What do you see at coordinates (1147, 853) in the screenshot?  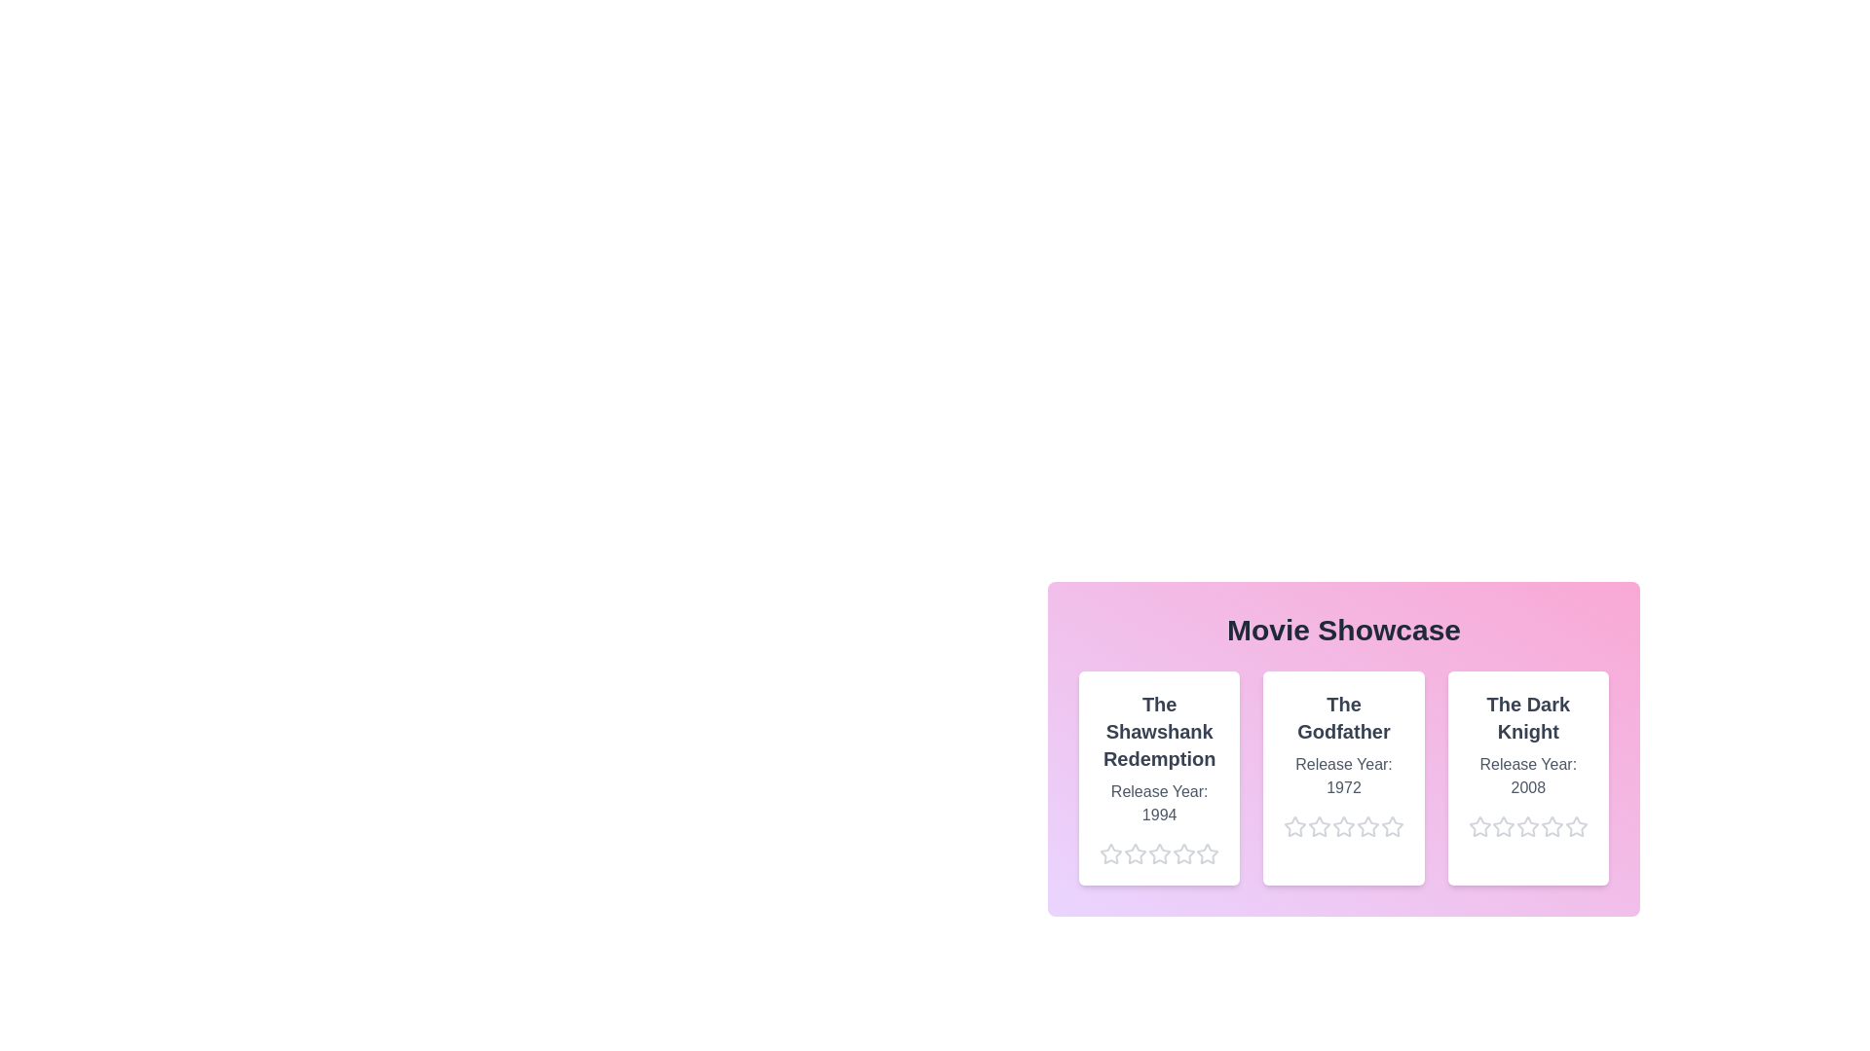 I see `the star corresponding to 3 stars for the movie The Shawshank Redemption` at bounding box center [1147, 853].